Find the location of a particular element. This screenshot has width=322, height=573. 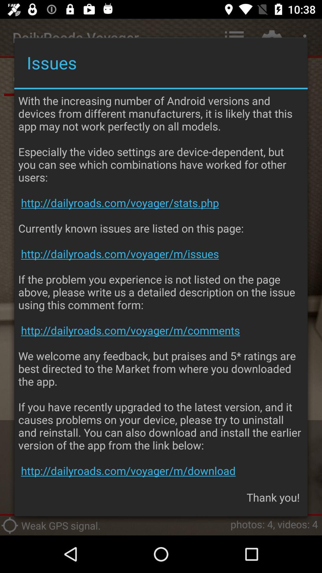

the with the increasing app is located at coordinates (161, 285).